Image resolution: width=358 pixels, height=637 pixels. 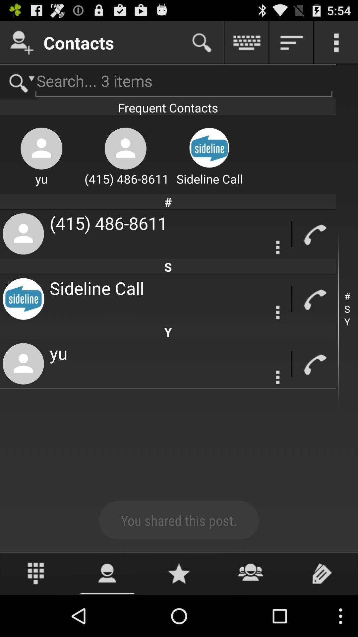 I want to click on call, so click(x=314, y=234).